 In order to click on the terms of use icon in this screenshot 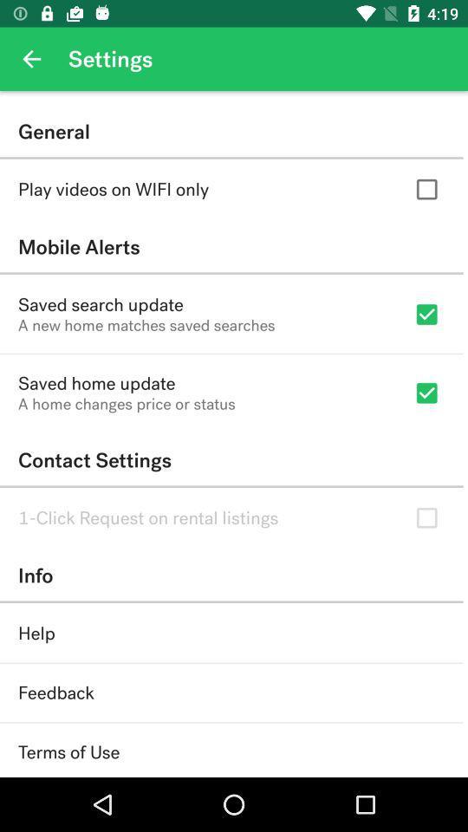, I will do `click(68, 751)`.